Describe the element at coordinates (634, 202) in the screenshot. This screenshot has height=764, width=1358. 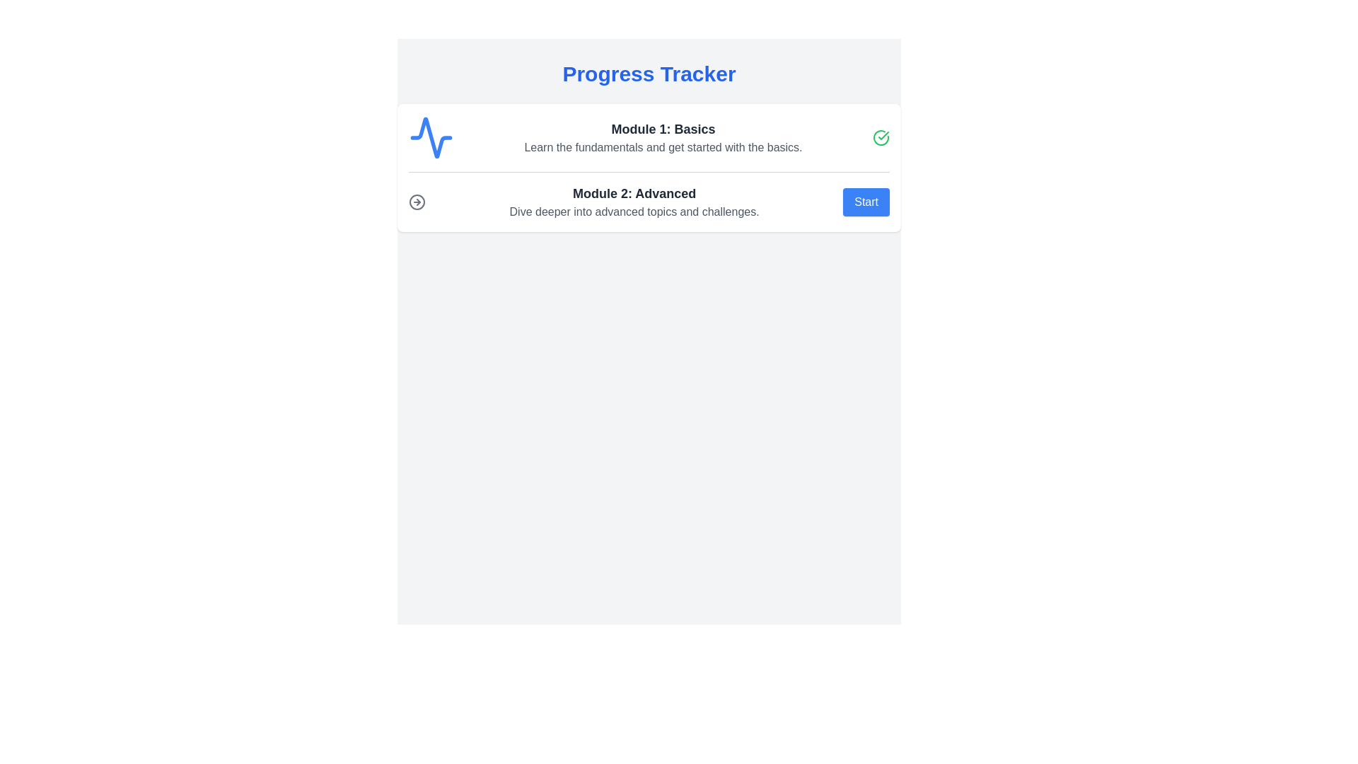
I see `the text block titled 'Module 2: Advanced' with a description below it in the progress tracker interface` at that location.